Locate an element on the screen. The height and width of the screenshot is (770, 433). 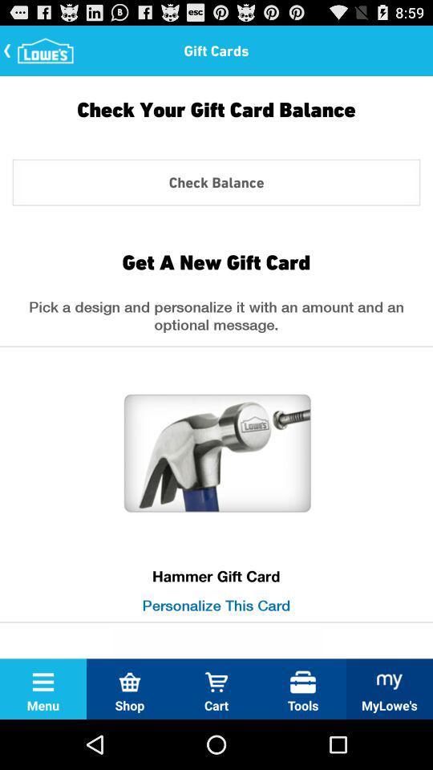
icon below the hammer gift card icon is located at coordinates (216, 604).